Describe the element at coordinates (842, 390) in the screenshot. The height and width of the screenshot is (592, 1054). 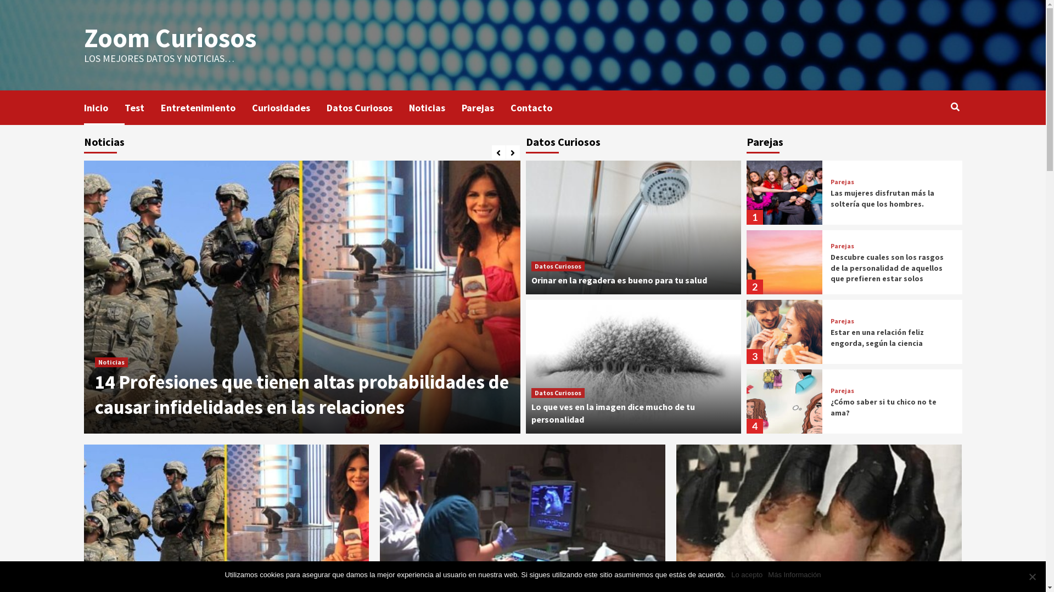
I see `'Parejas'` at that location.